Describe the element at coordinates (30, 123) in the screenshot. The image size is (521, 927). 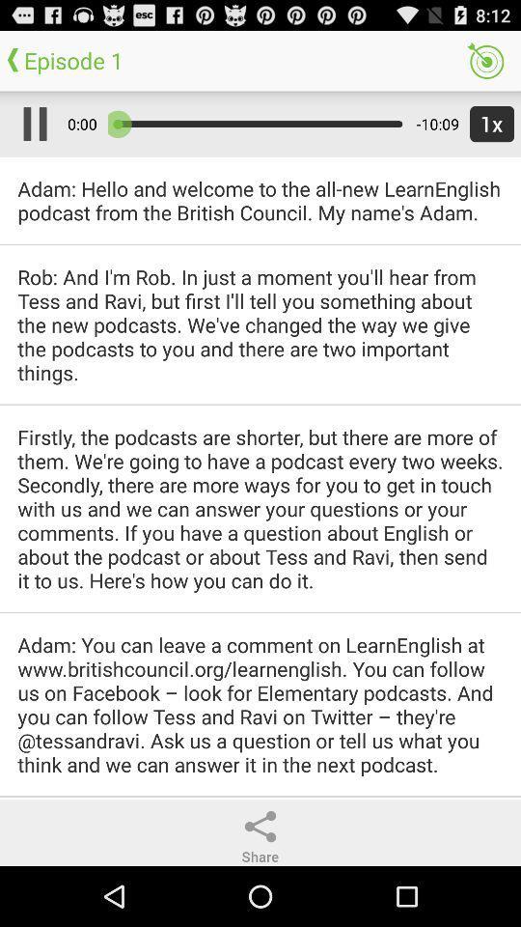
I see `pauses the audio playback` at that location.